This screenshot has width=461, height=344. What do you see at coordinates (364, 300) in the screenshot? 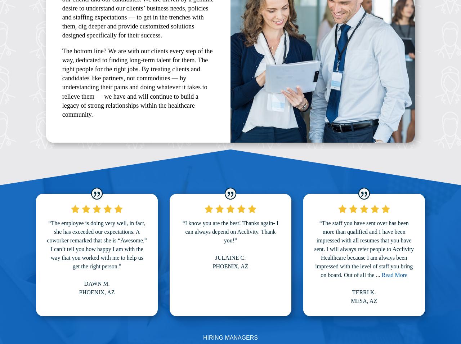
I see `'Mesa, AZ'` at bounding box center [364, 300].